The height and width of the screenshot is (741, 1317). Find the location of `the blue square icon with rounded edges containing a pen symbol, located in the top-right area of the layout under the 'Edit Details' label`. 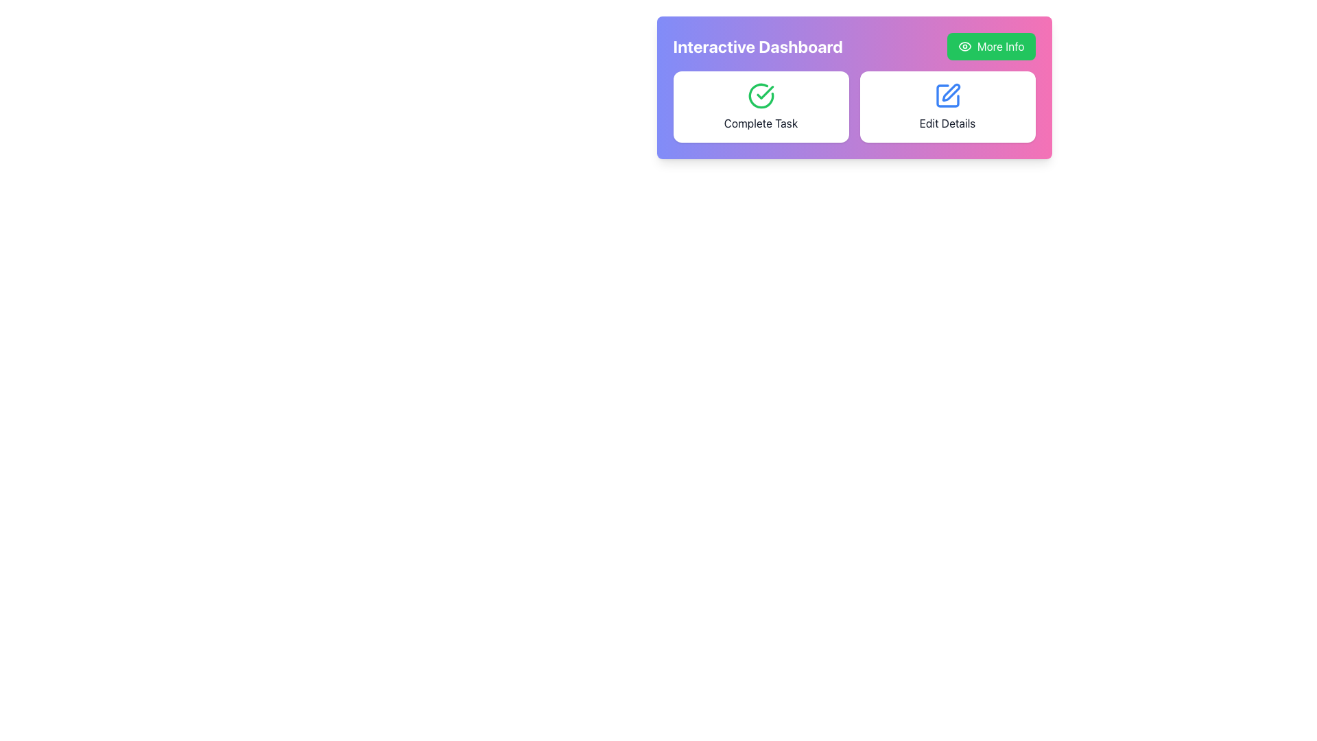

the blue square icon with rounded edges containing a pen symbol, located in the top-right area of the layout under the 'Edit Details' label is located at coordinates (947, 95).